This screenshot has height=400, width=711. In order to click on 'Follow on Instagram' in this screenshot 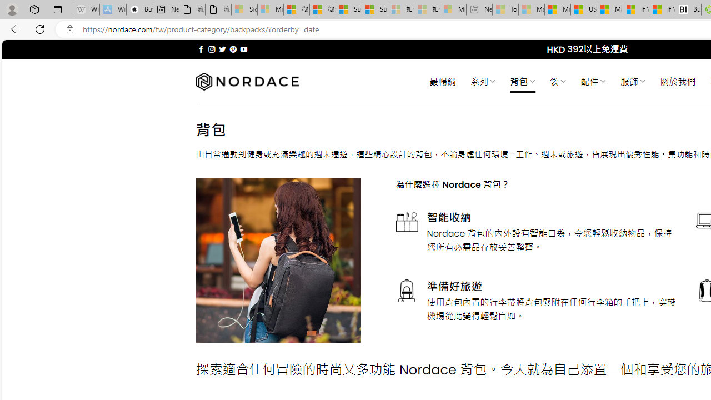, I will do `click(212, 49)`.